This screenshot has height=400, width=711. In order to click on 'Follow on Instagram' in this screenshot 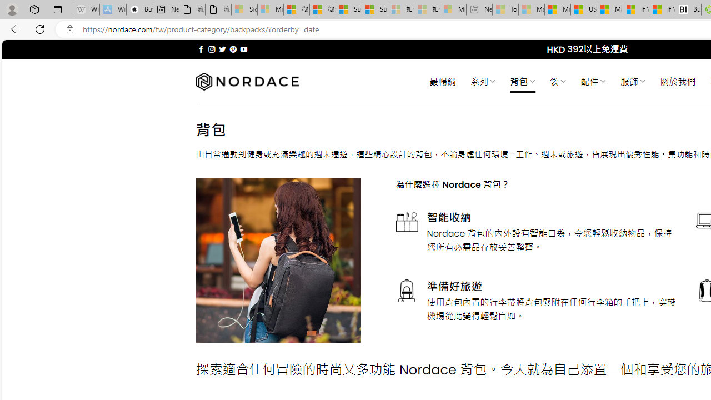, I will do `click(212, 49)`.